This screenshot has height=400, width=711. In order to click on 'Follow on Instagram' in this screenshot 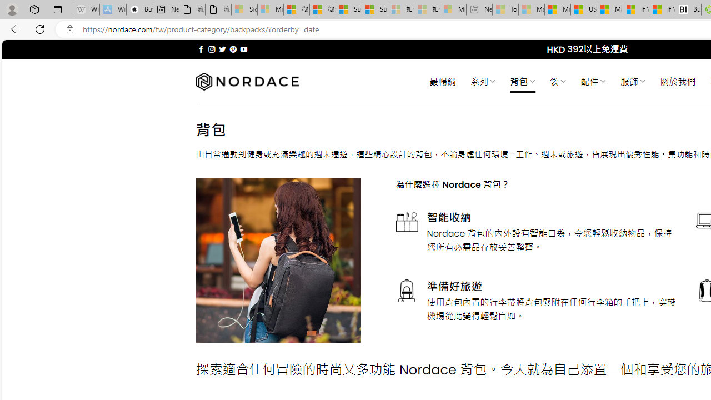, I will do `click(212, 49)`.